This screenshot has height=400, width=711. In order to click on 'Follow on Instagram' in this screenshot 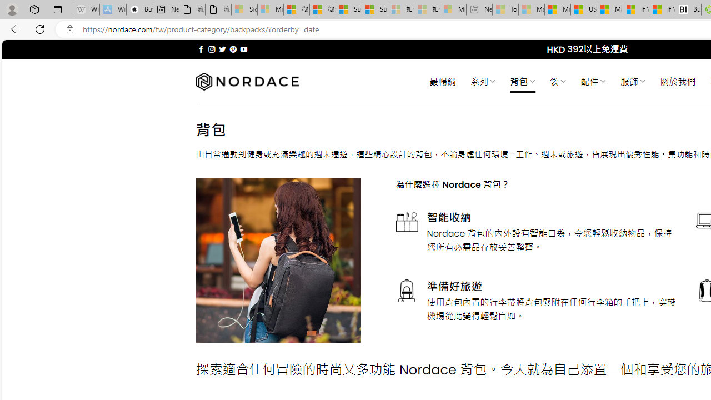, I will do `click(212, 49)`.